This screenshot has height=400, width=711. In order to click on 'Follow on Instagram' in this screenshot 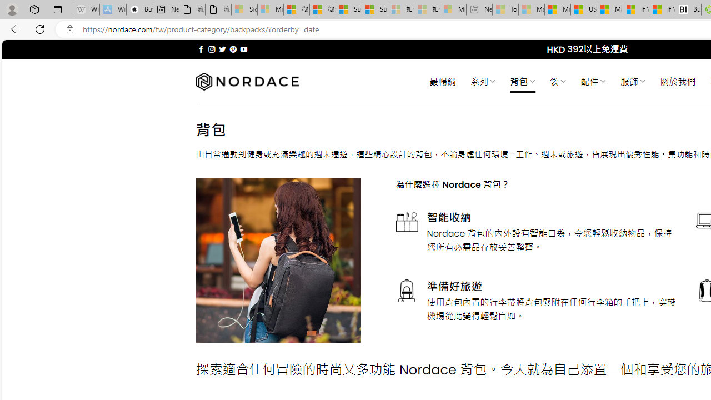, I will do `click(212, 49)`.